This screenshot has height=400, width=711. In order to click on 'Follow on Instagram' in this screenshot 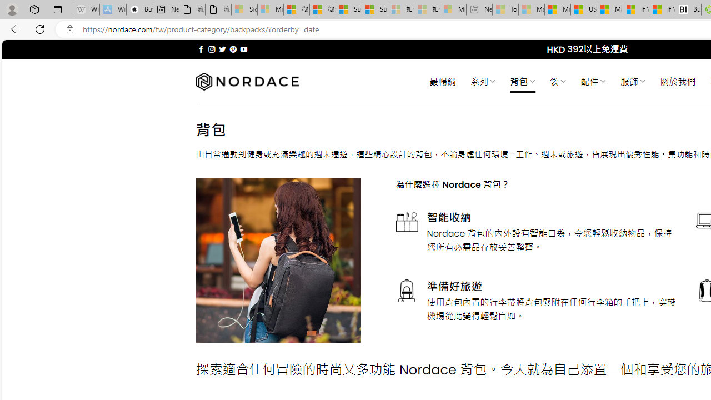, I will do `click(212, 49)`.